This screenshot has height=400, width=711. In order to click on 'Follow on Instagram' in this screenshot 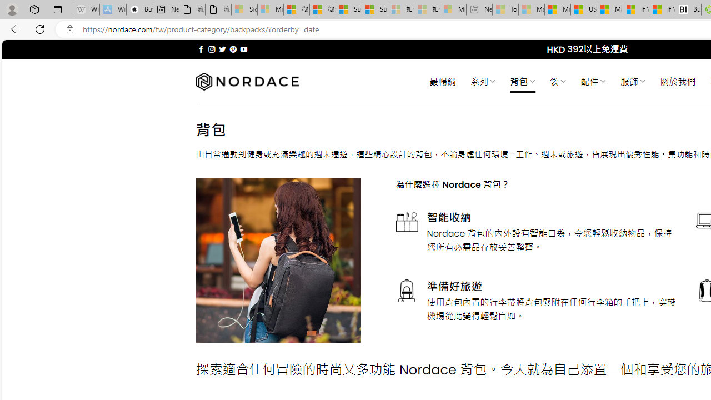, I will do `click(212, 49)`.